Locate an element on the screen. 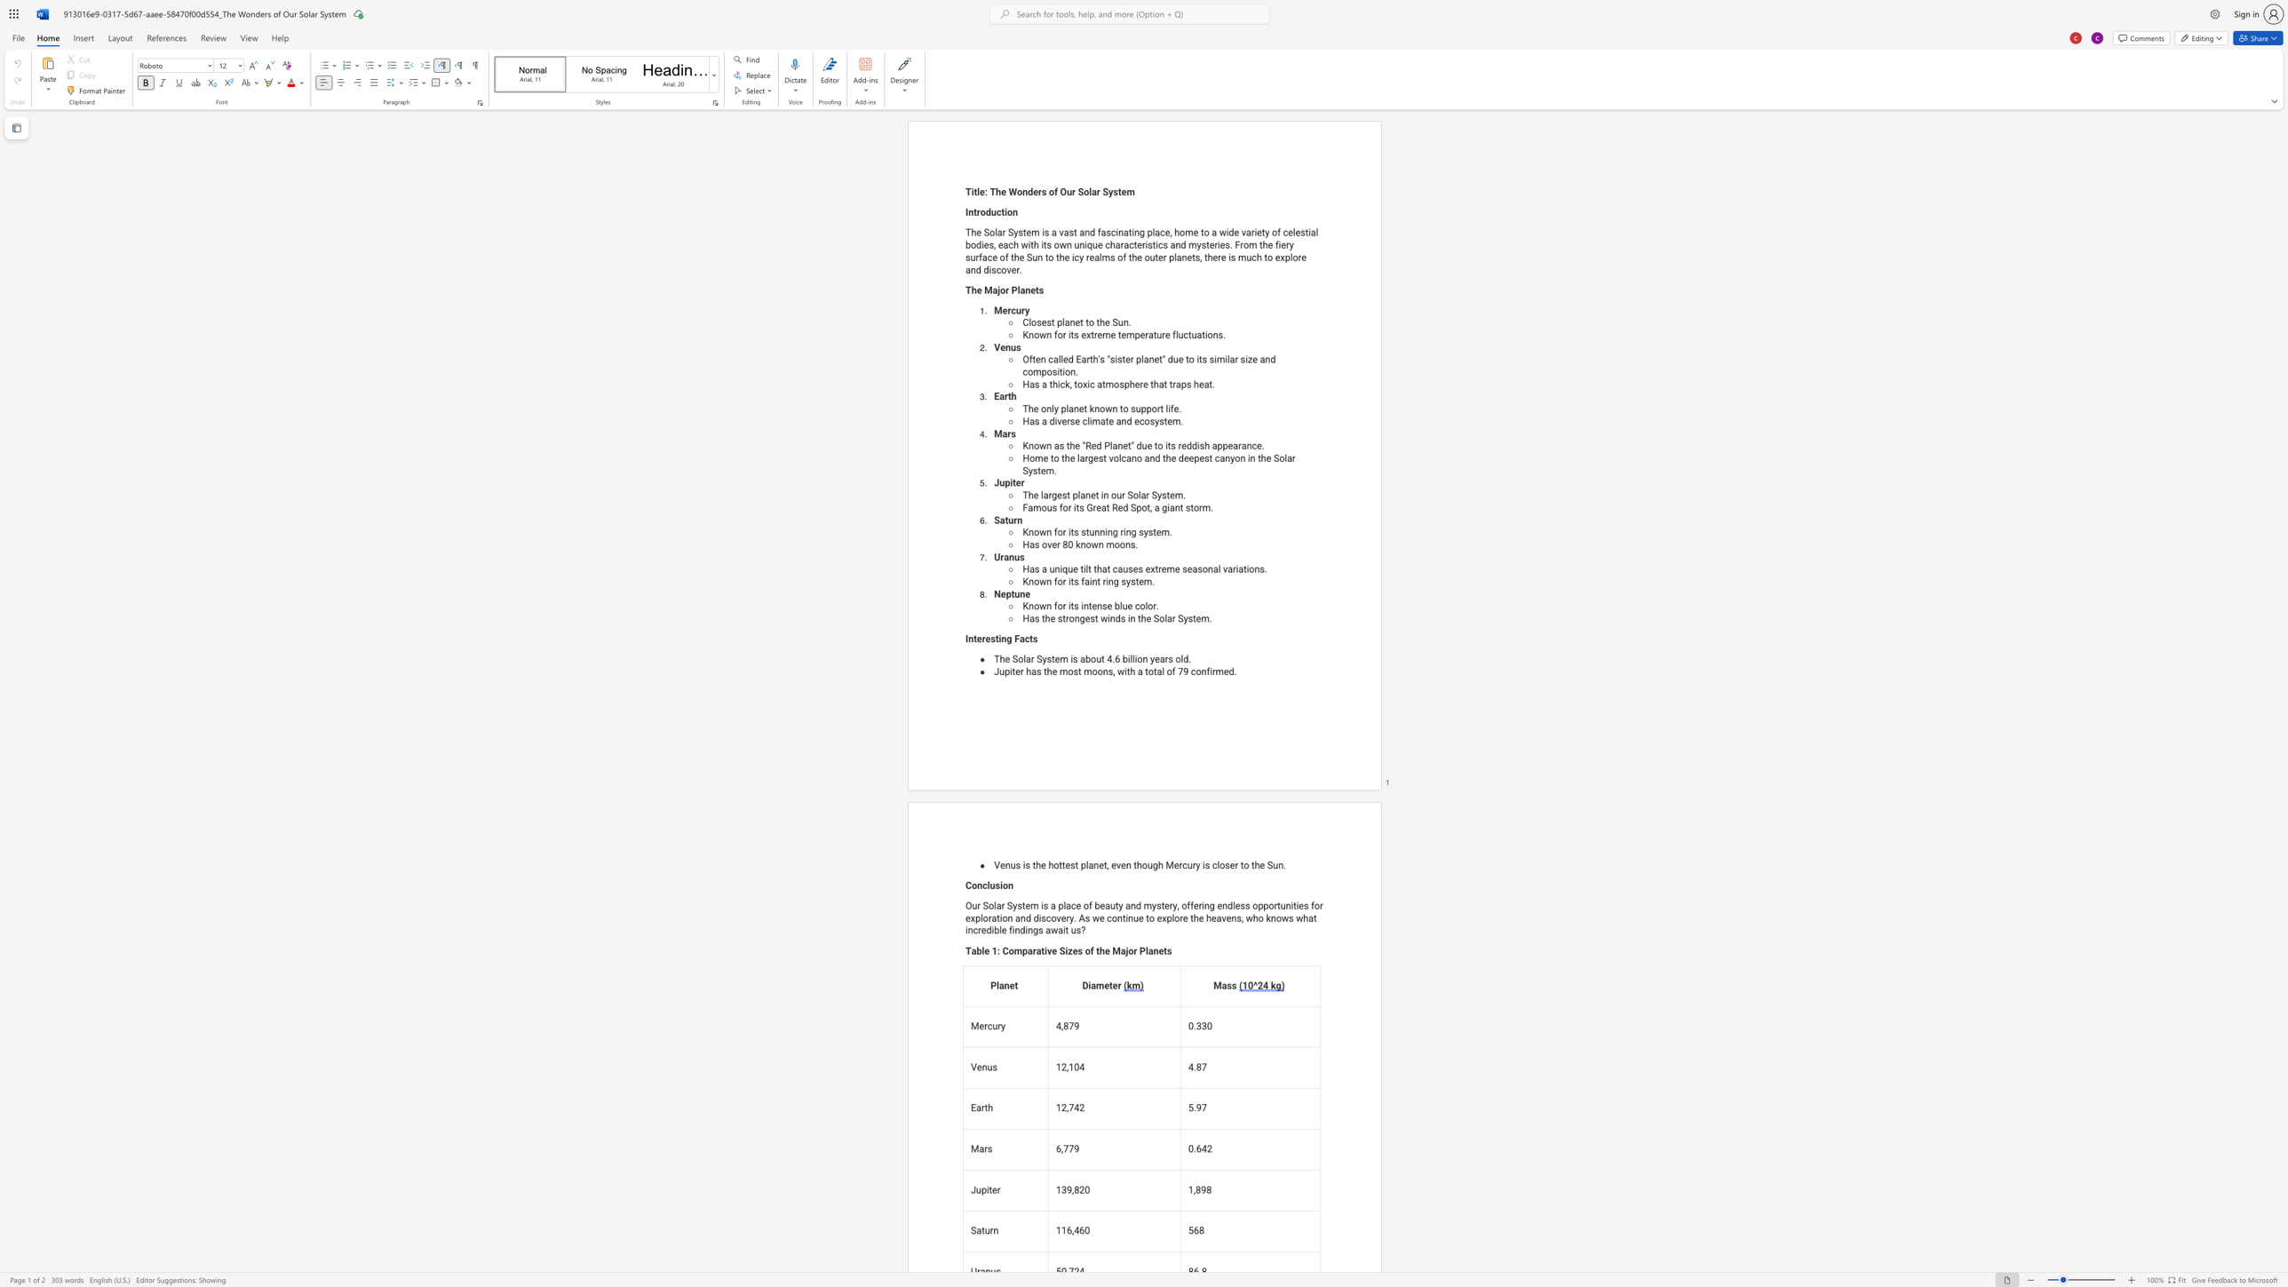  the subset text "the strongest winds in the Solar" within the text "Has the strongest winds in the Solar System." is located at coordinates (1041, 618).